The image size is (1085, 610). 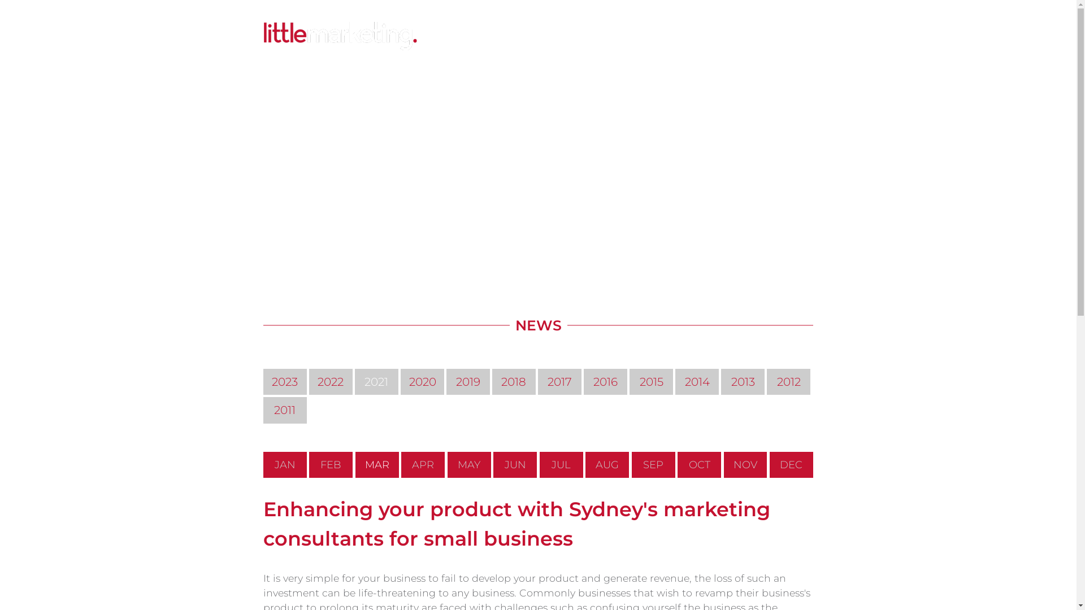 What do you see at coordinates (696, 381) in the screenshot?
I see `'2014'` at bounding box center [696, 381].